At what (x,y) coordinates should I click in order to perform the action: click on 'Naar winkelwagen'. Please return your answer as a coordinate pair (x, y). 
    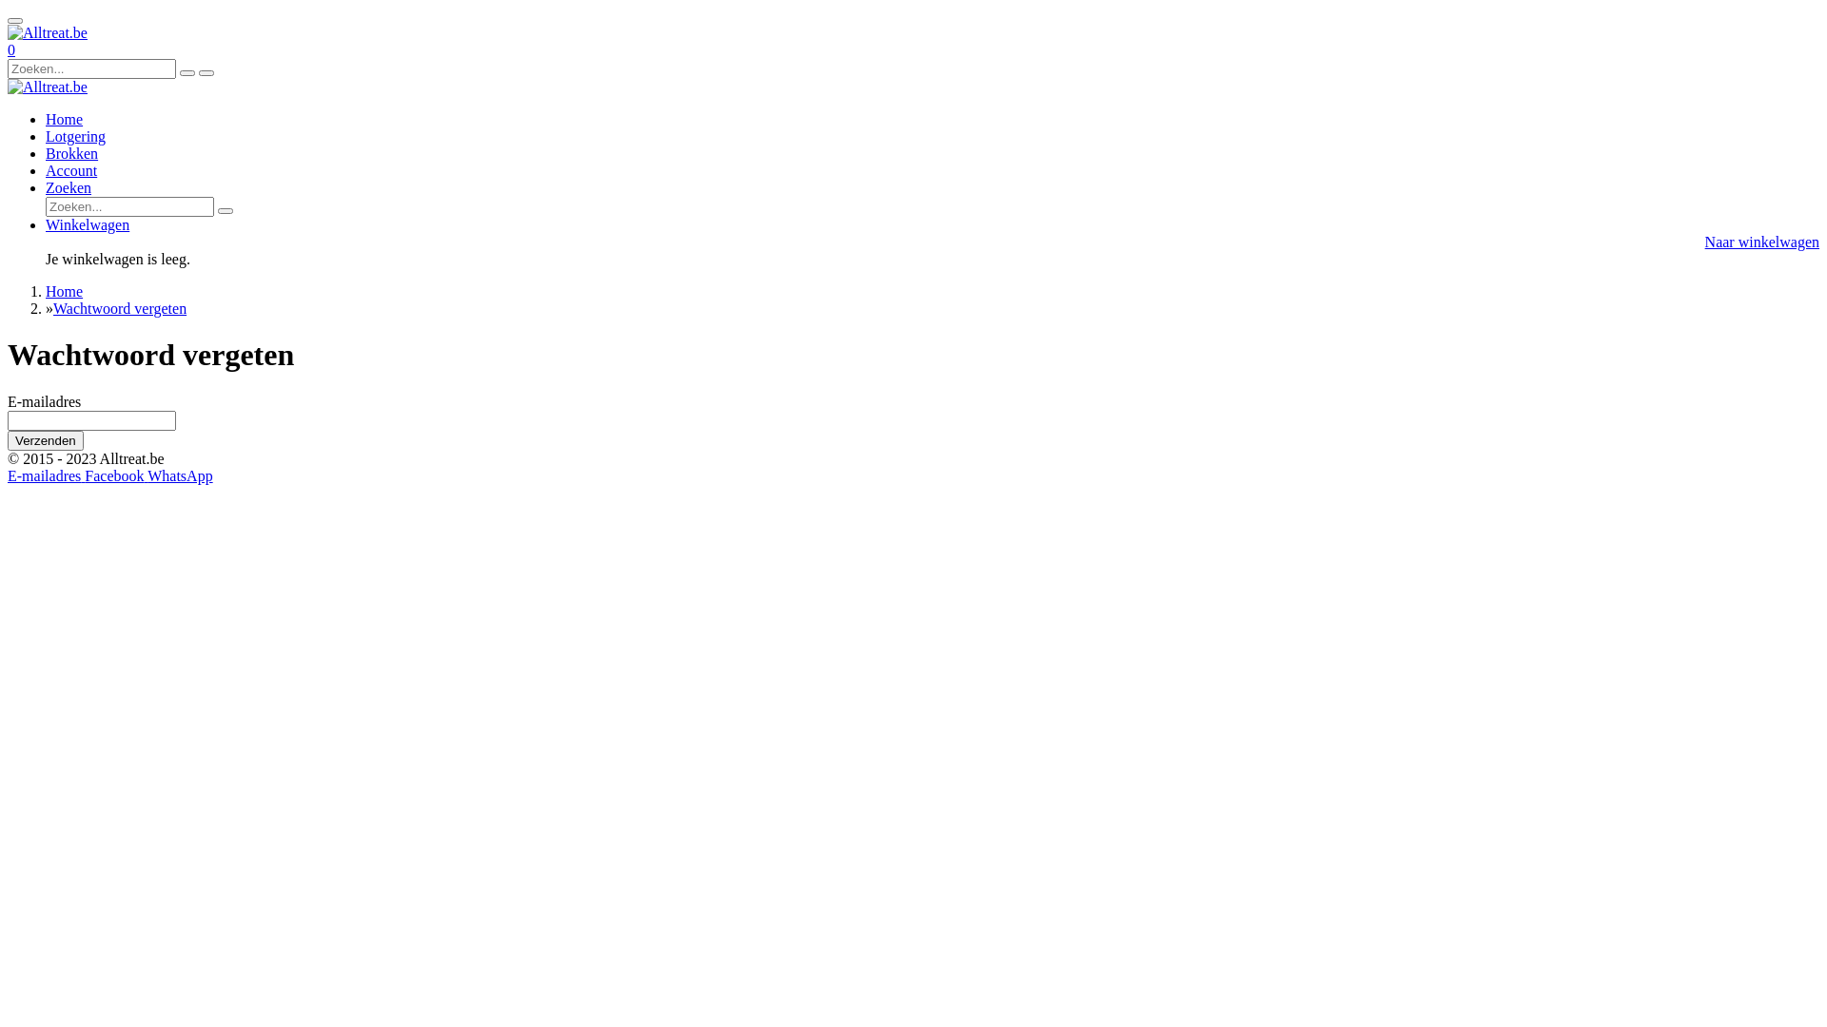
    Looking at the image, I should click on (1761, 241).